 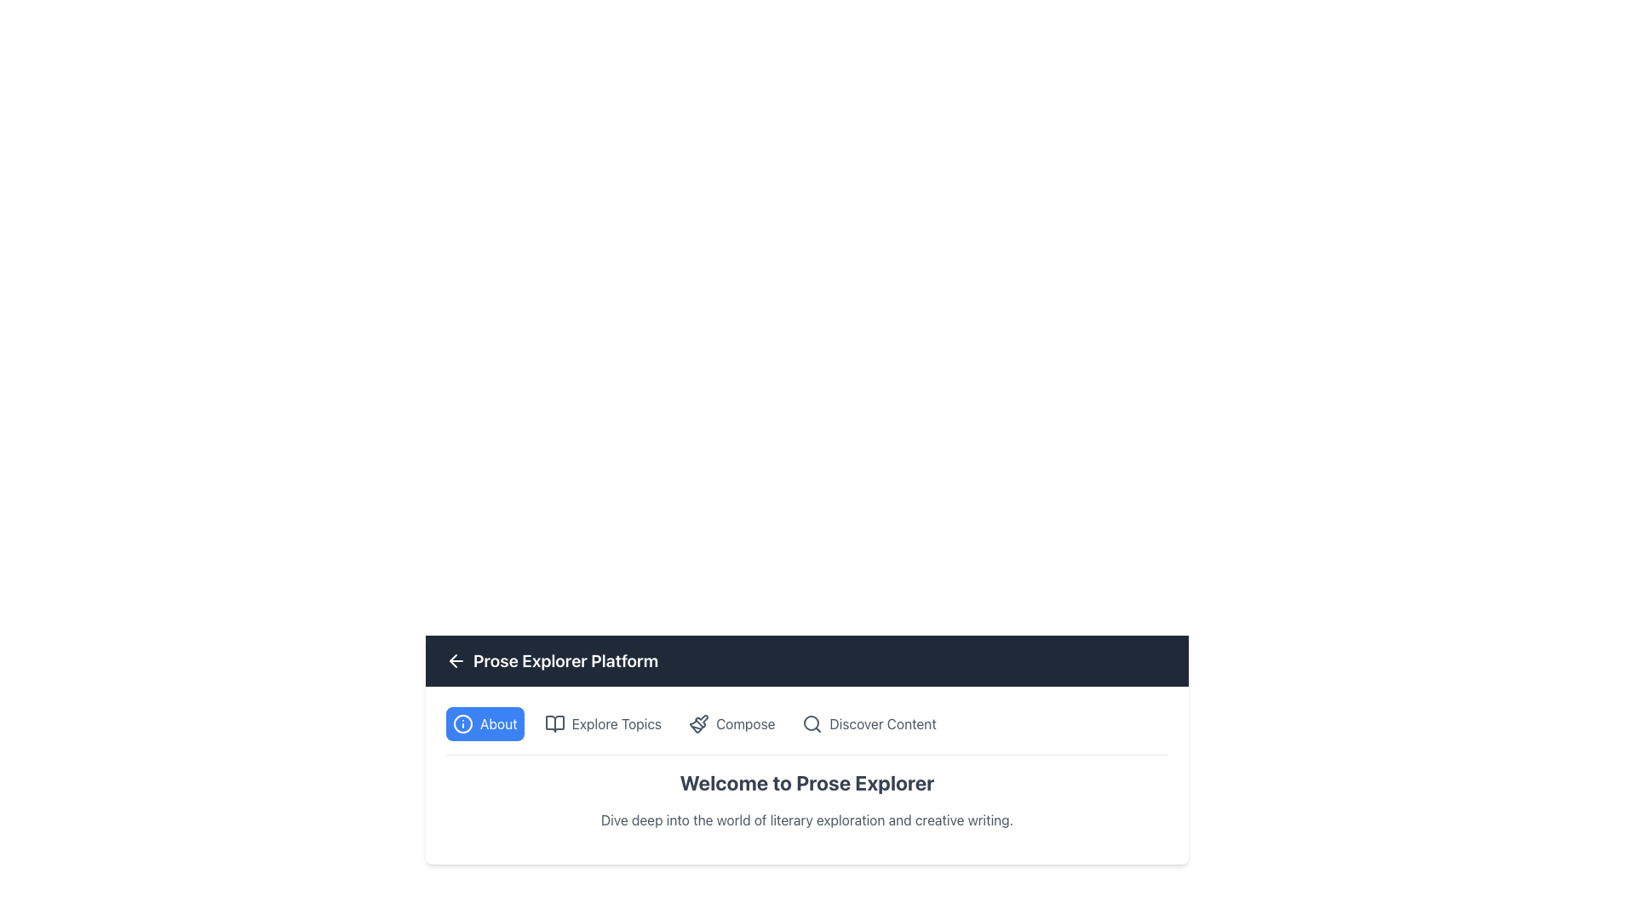 What do you see at coordinates (806, 819) in the screenshot?
I see `the static text that provides a brief description below the 'Welcome to Prose Explorer' title, enticing users` at bounding box center [806, 819].